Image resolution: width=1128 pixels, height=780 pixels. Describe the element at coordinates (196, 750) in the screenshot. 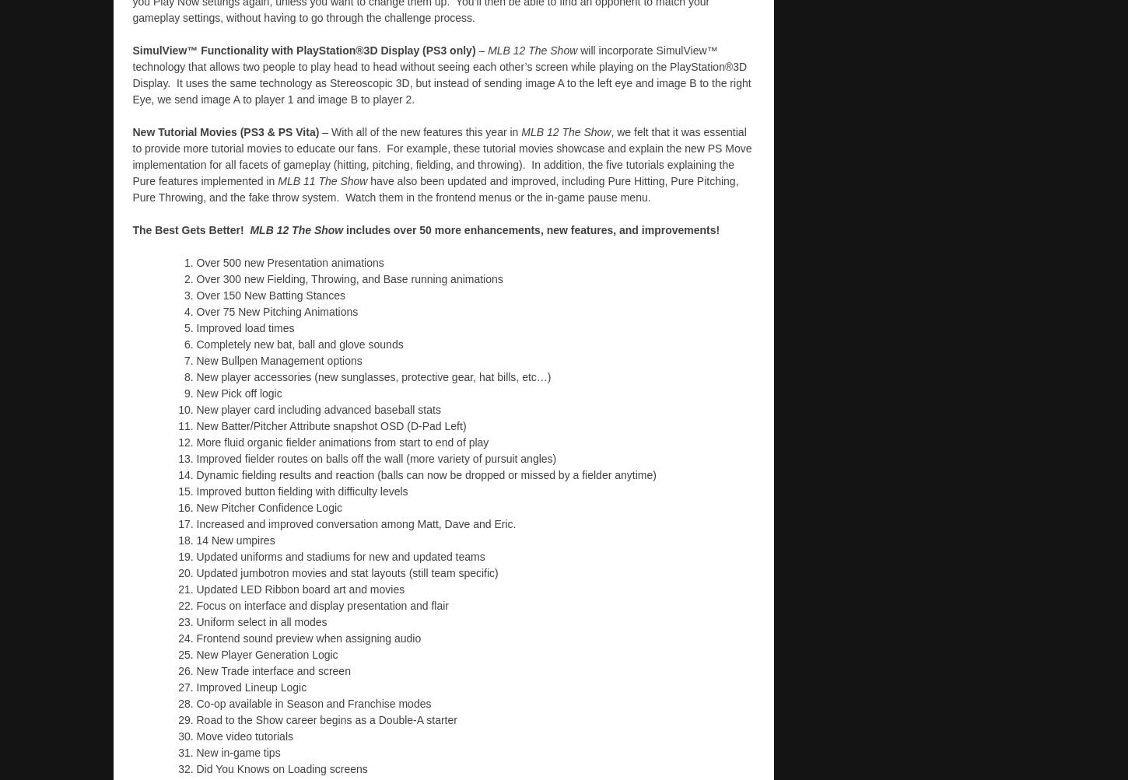

I see `'New in-game tips'` at that location.